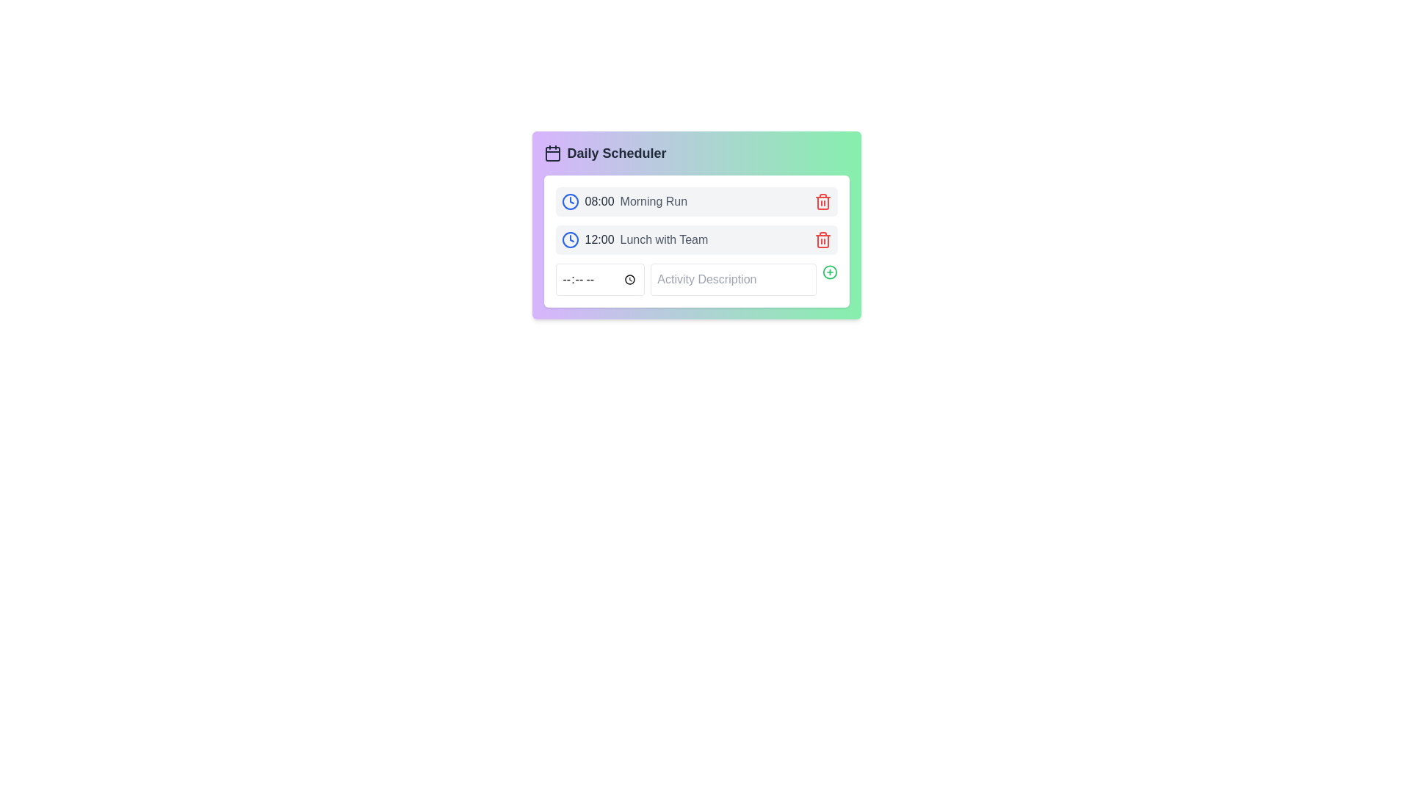 This screenshot has height=793, width=1410. I want to click on the rectangular text input field with rounded corners and placeholder text 'Activity Description' to focus the input field, so click(733, 280).